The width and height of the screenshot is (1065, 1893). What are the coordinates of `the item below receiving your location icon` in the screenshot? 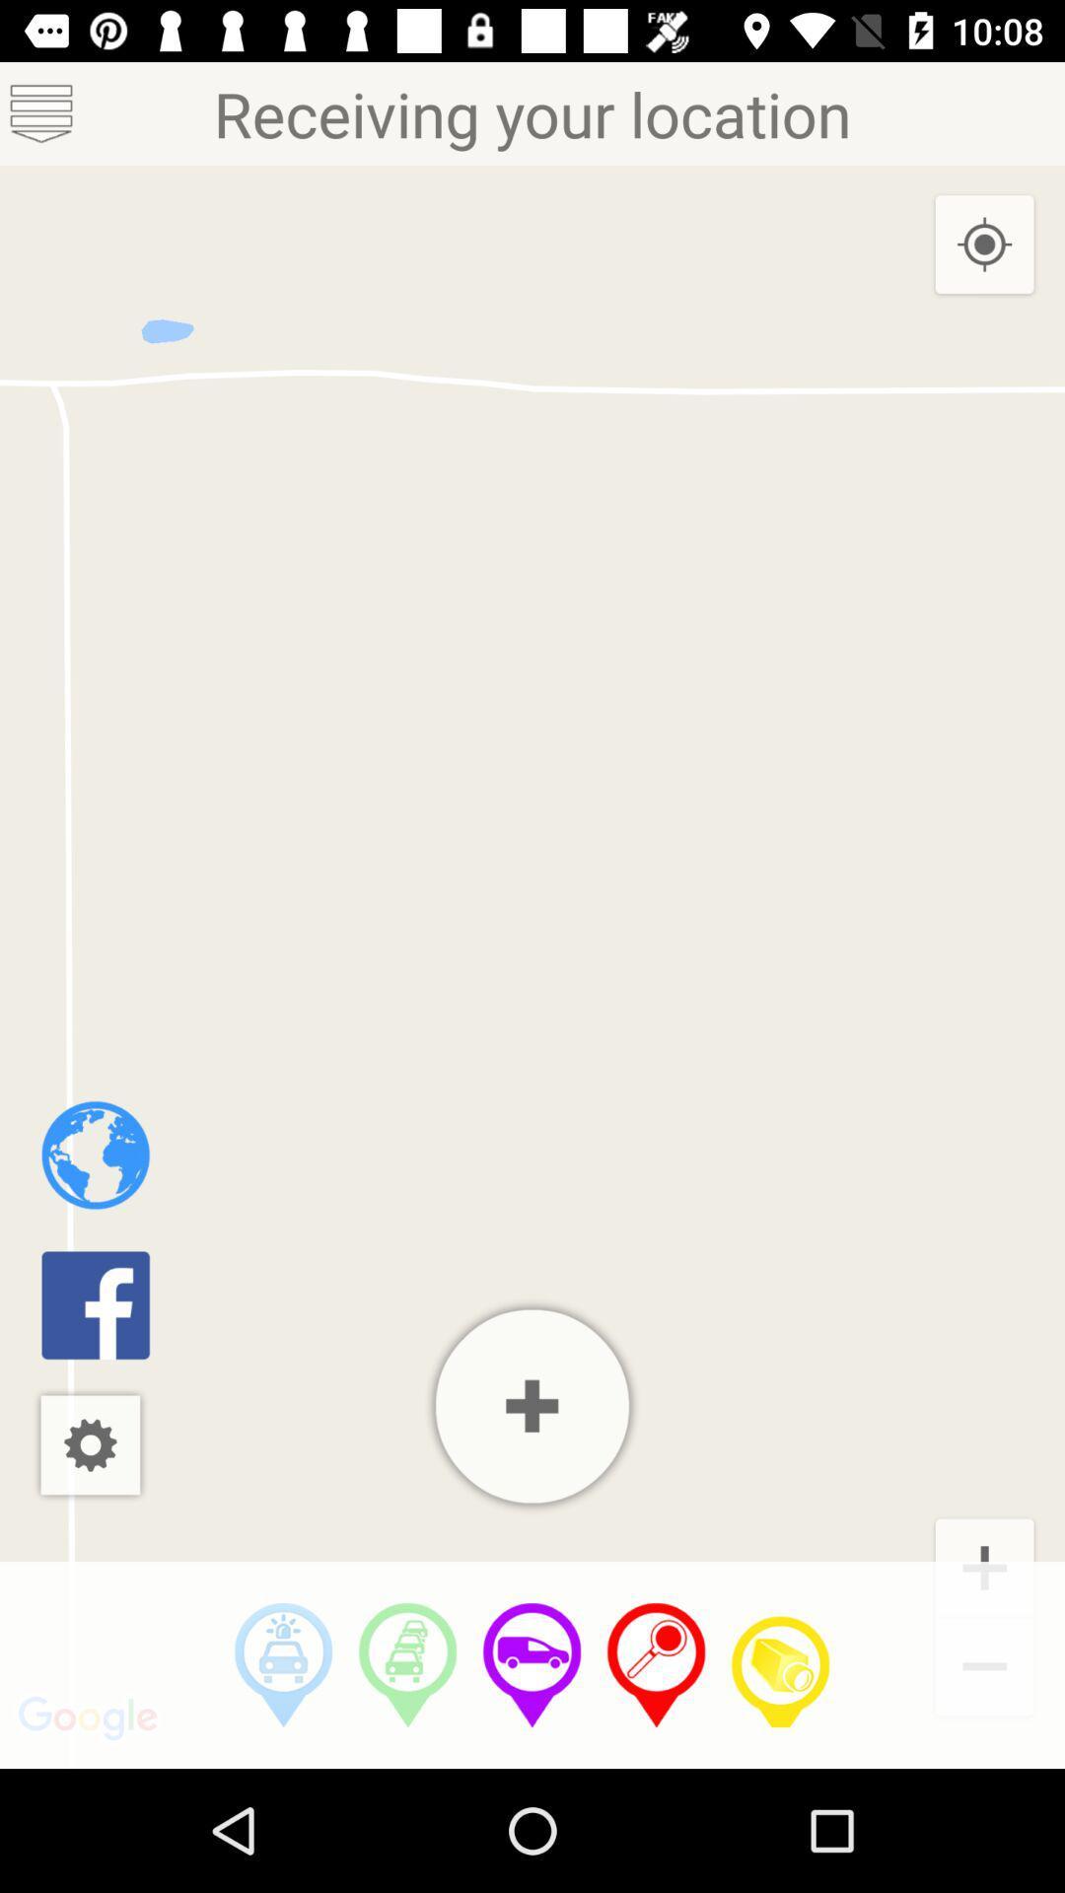 It's located at (984, 245).